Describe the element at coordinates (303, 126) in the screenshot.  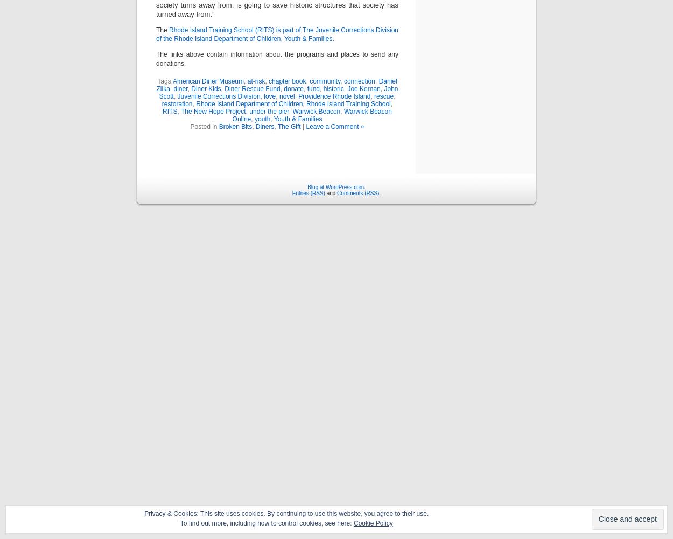
I see `'|'` at that location.